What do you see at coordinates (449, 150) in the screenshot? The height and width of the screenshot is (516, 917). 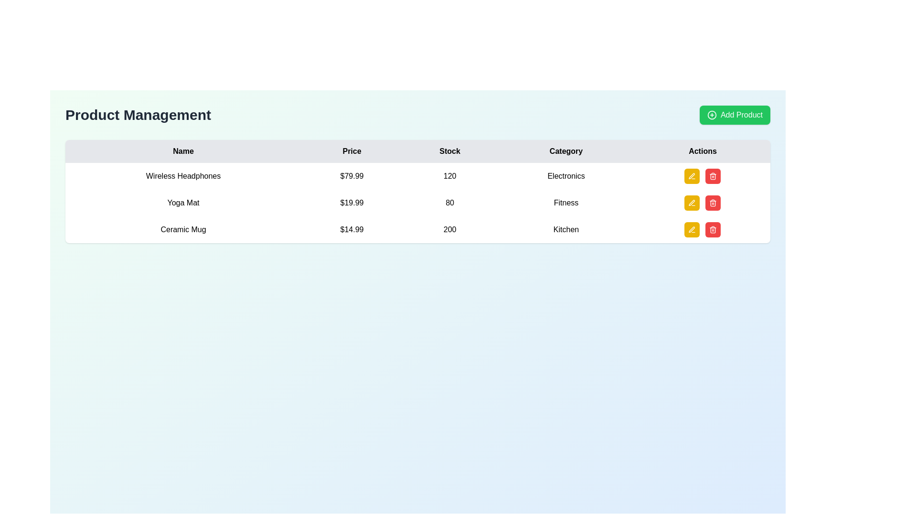 I see `the text label element containing the word 'Stock', which is styled with a light gray background and black bold text, located in the third column of a header row in a tabular layout` at bounding box center [449, 150].